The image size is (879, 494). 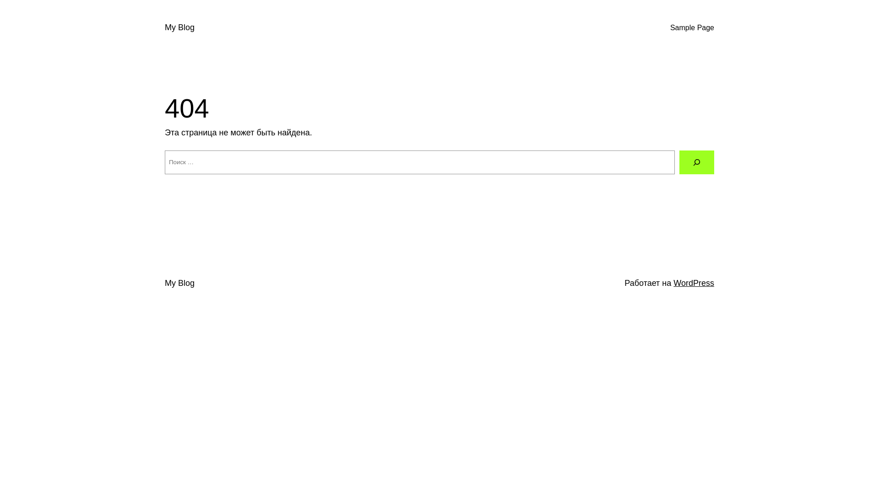 I want to click on 'My Blog', so click(x=179, y=27).